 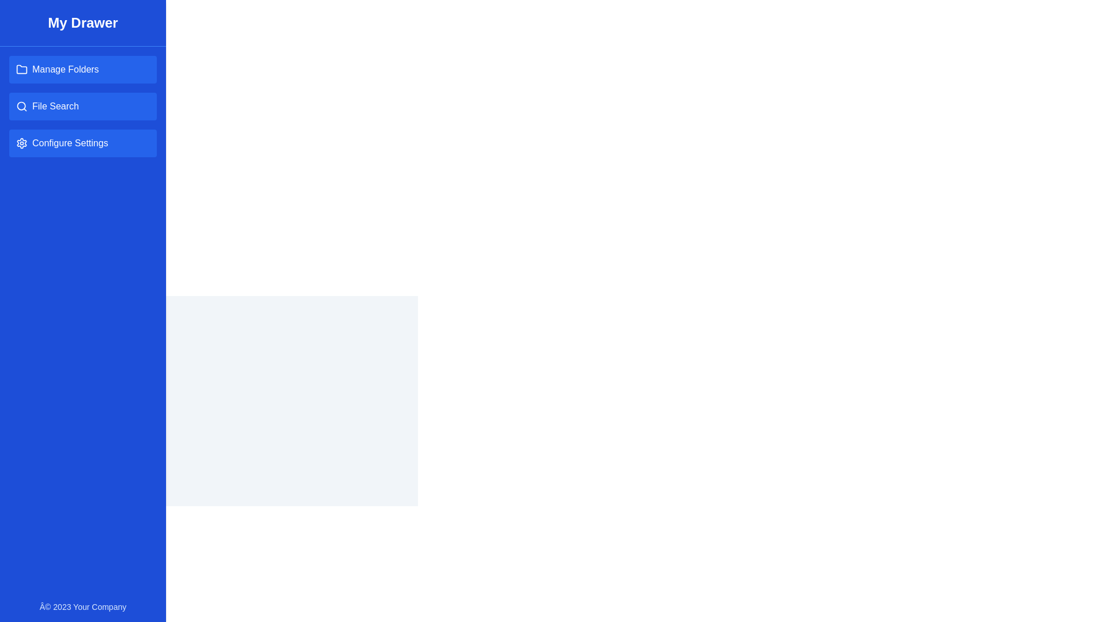 What do you see at coordinates (82, 69) in the screenshot?
I see `the navigation item Manage Folders in the drawer` at bounding box center [82, 69].